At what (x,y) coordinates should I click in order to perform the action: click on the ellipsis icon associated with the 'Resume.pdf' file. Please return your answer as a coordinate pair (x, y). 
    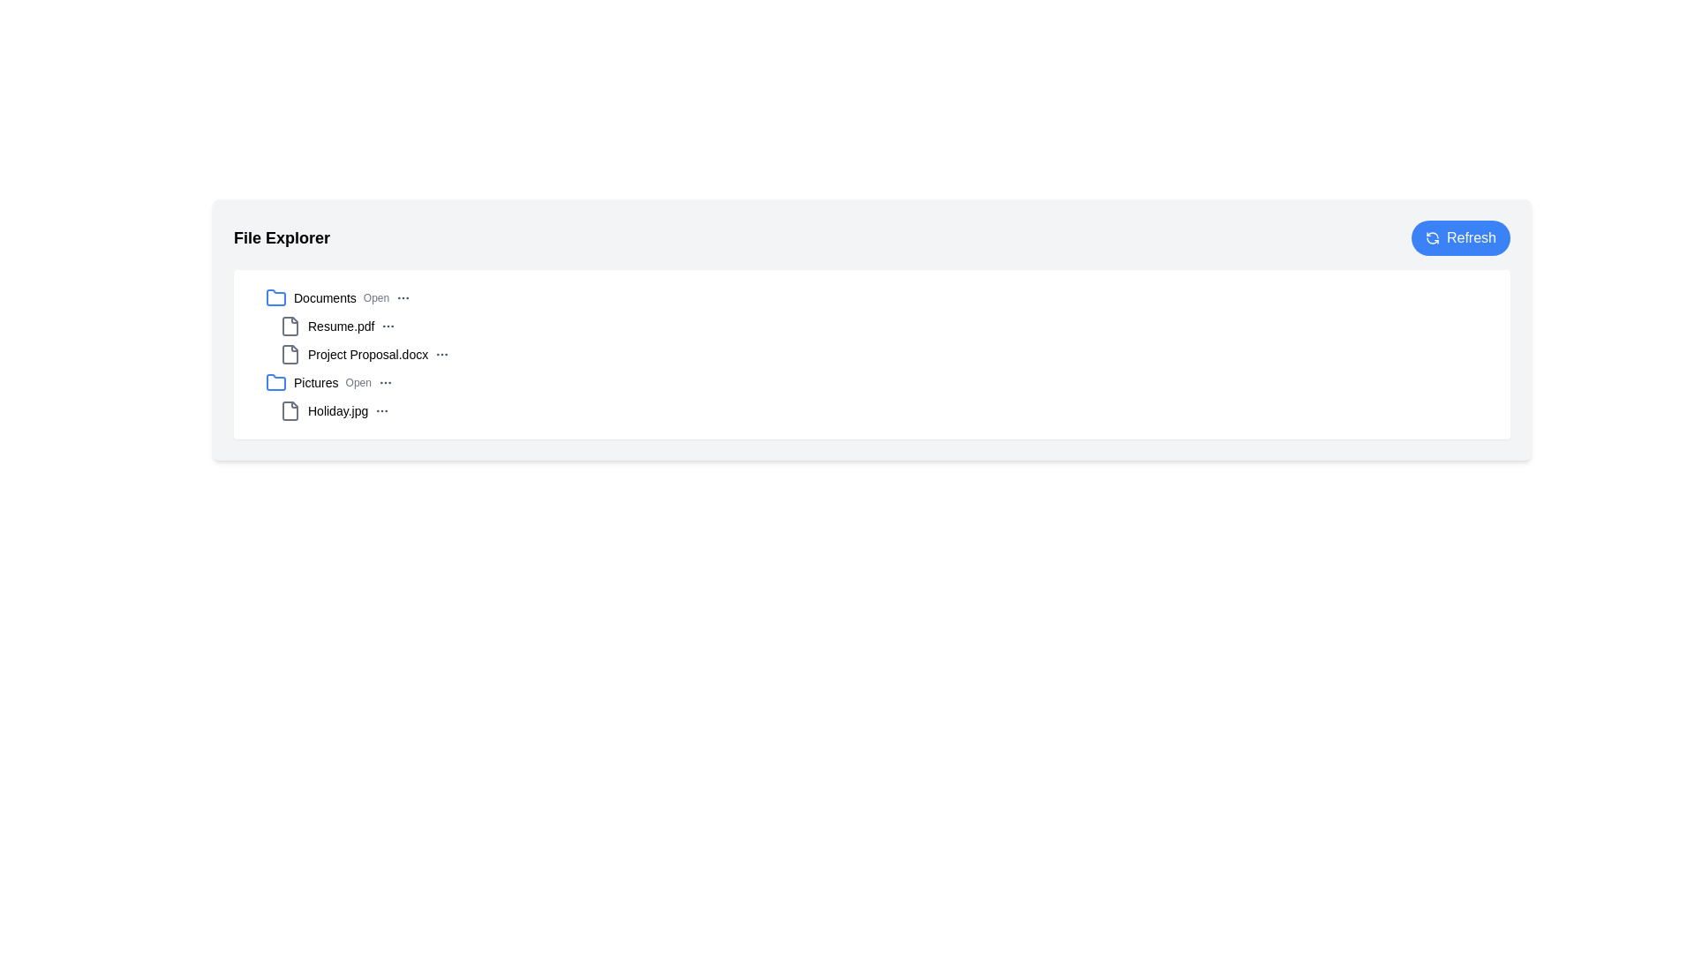
    Looking at the image, I should click on (388, 326).